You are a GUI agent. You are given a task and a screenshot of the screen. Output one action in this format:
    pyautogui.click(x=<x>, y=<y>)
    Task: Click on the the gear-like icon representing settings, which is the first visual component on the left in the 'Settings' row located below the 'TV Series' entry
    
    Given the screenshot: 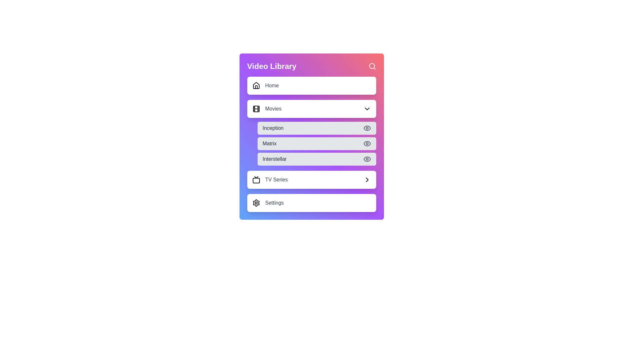 What is the action you would take?
    pyautogui.click(x=256, y=202)
    